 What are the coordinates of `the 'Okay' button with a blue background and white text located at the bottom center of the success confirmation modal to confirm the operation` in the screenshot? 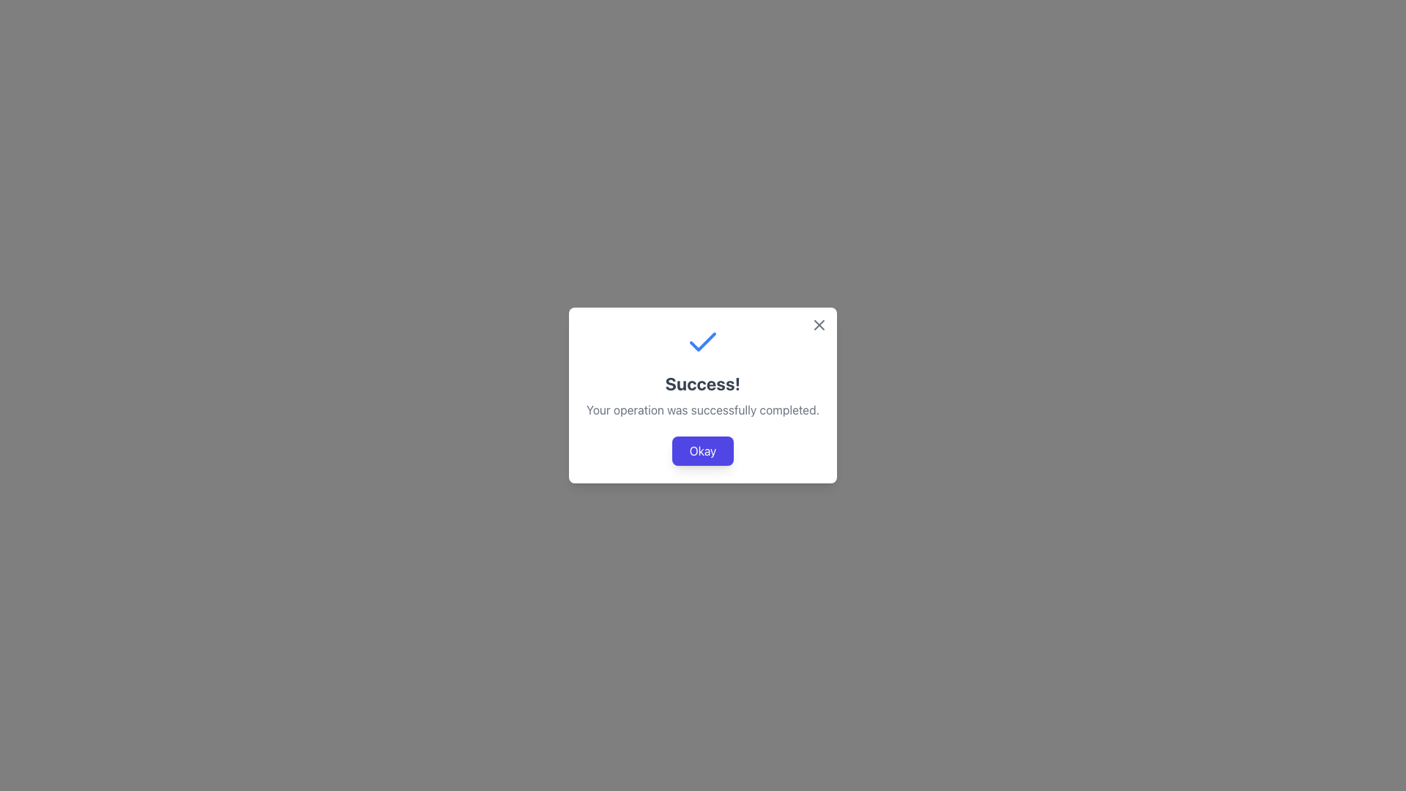 It's located at (703, 450).